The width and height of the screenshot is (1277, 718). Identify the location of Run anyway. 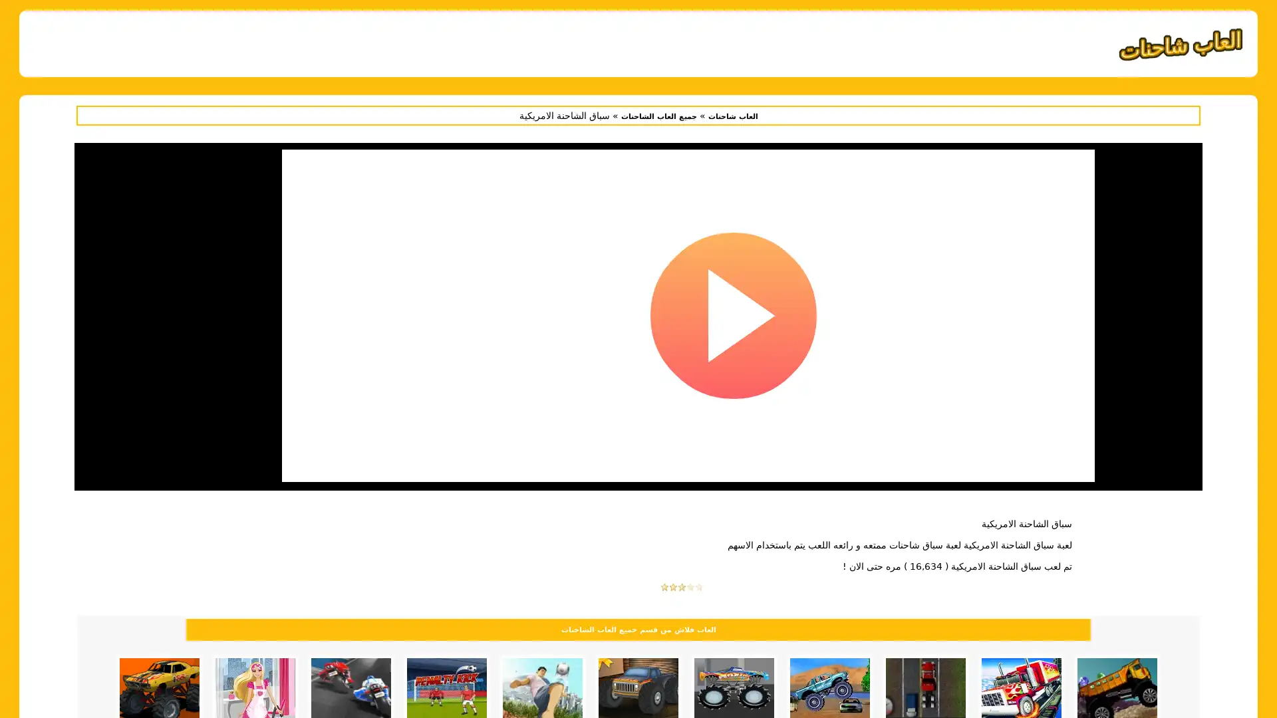
(688, 332).